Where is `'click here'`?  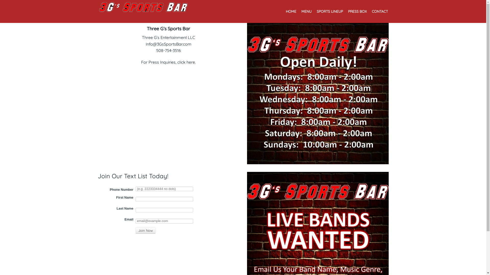 'click here' is located at coordinates (186, 62).